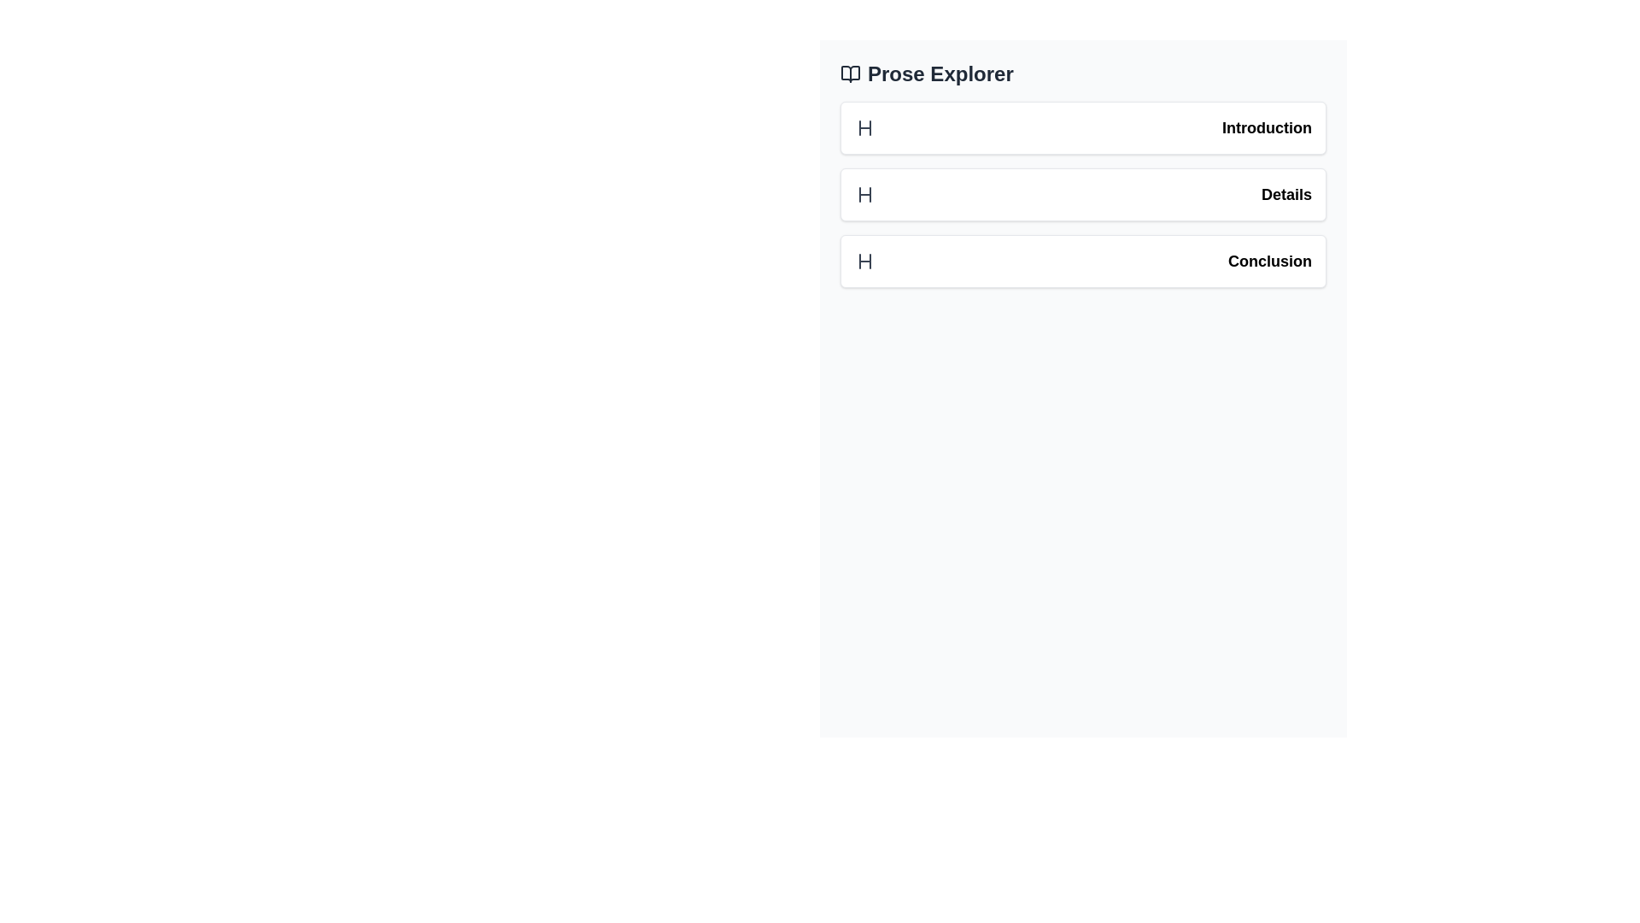 This screenshot has width=1640, height=923. Describe the element at coordinates (1082, 261) in the screenshot. I see `the 'Conclusion' list item in the 'Prose Explorer' section for keyboard navigation` at that location.